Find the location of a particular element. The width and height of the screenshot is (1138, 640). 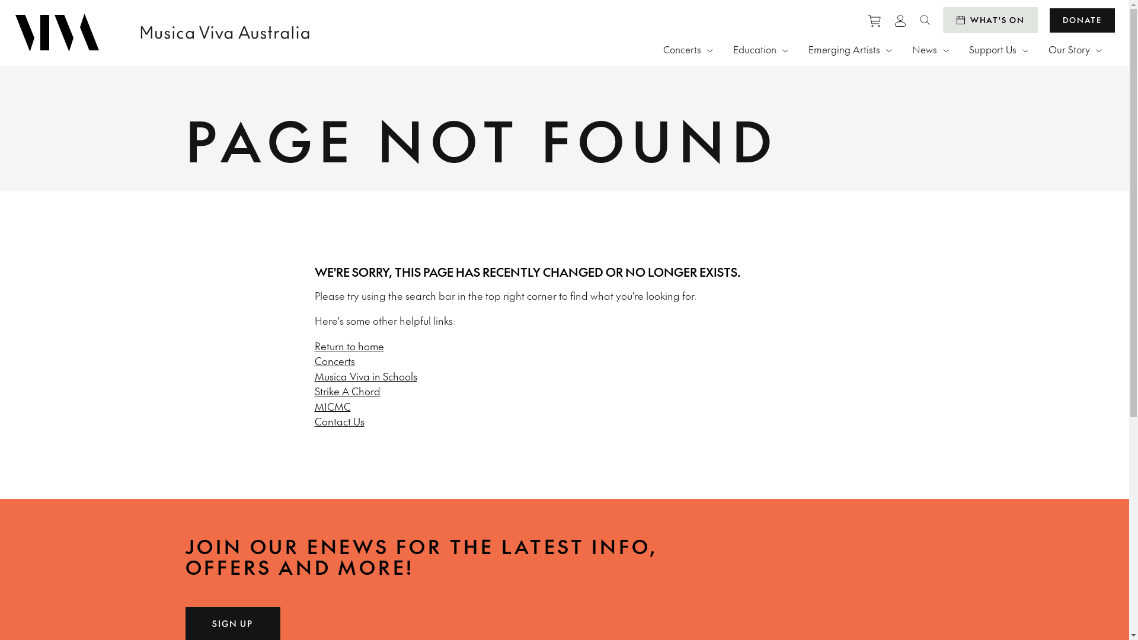

'DONATE' is located at coordinates (1082, 20).